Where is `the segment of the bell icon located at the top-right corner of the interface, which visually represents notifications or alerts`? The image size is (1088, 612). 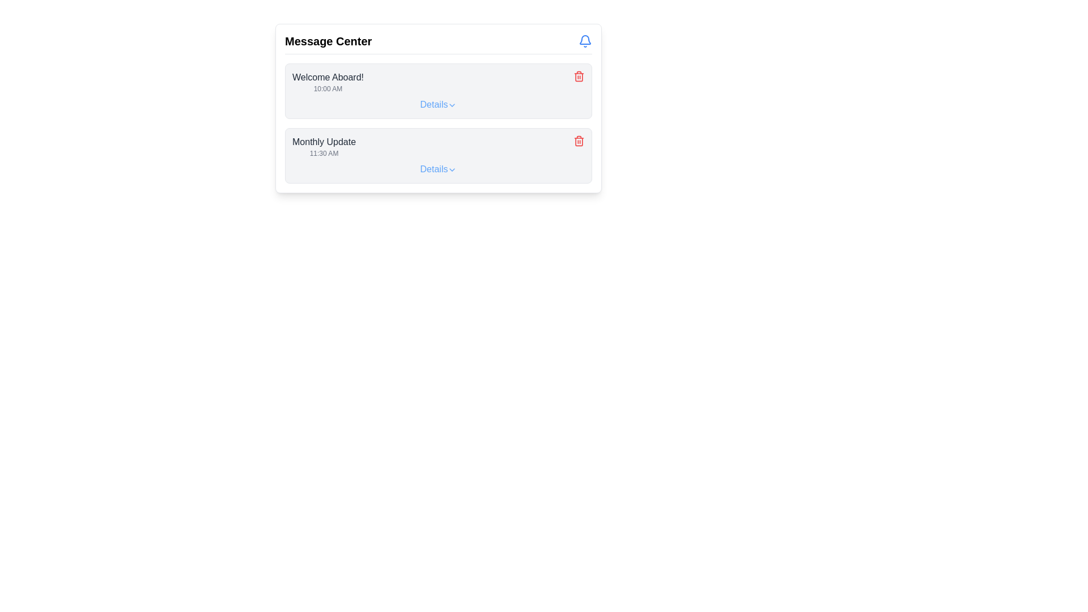 the segment of the bell icon located at the top-right corner of the interface, which visually represents notifications or alerts is located at coordinates (585, 39).